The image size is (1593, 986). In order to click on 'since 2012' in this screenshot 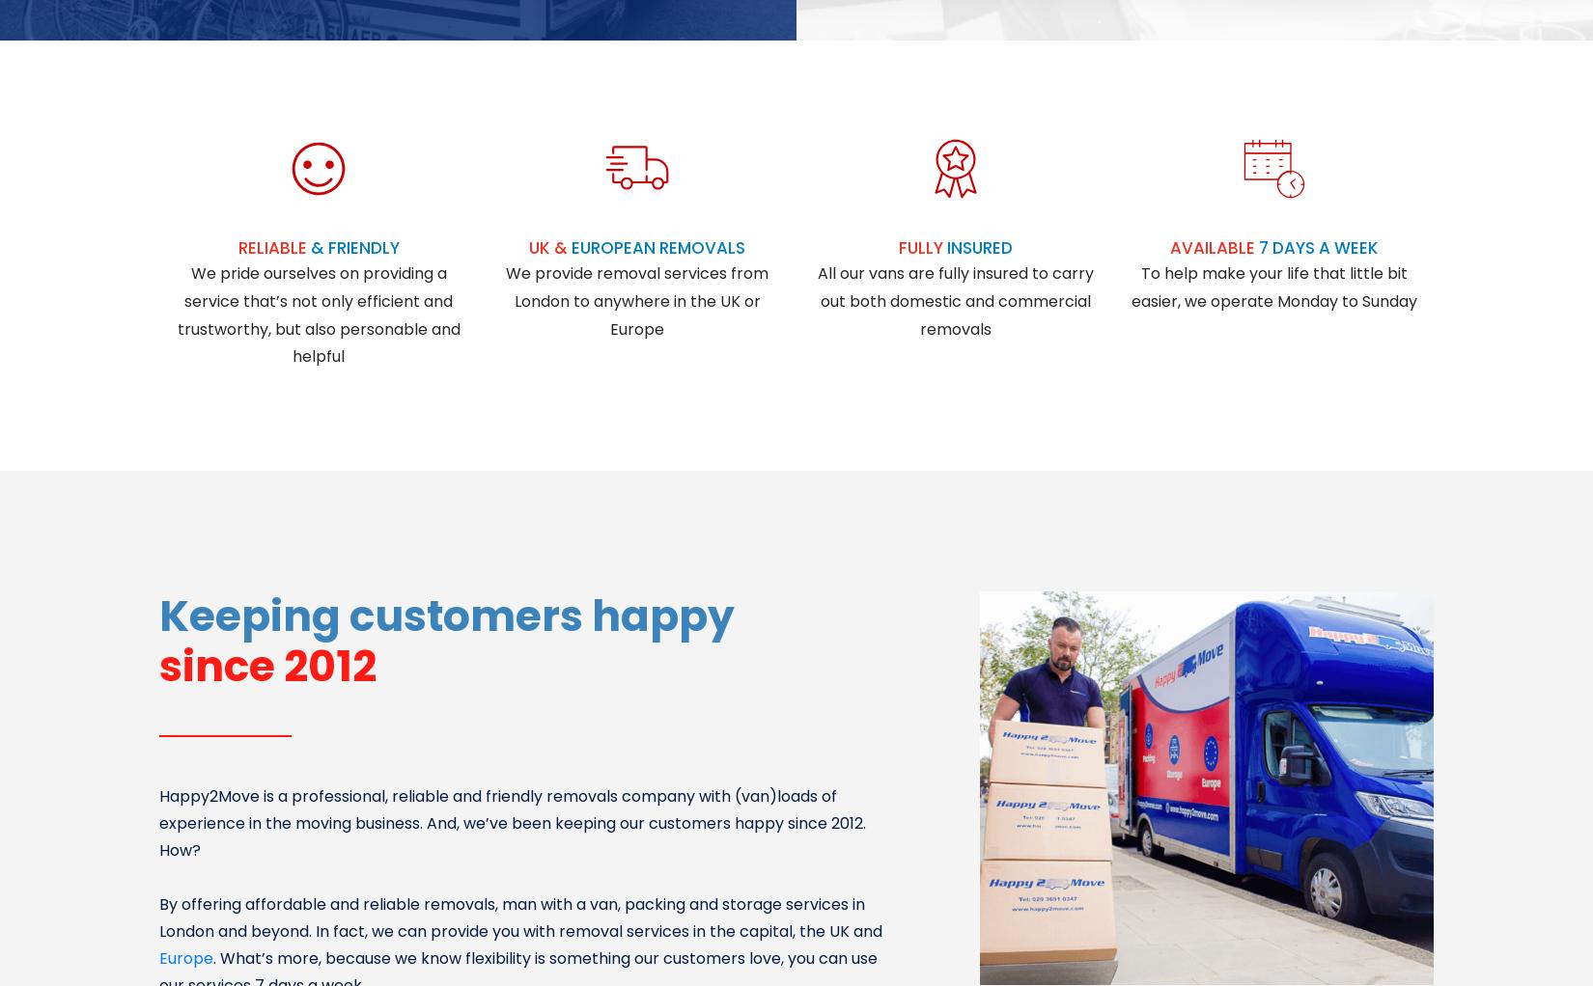, I will do `click(267, 665)`.